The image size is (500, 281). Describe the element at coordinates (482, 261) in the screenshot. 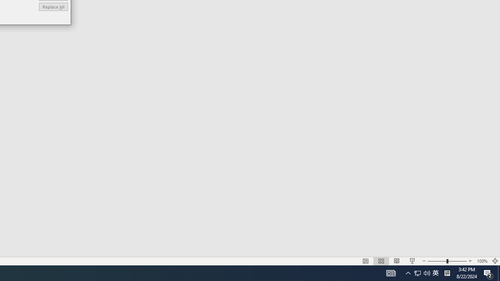

I see `'Zoom 100%'` at that location.